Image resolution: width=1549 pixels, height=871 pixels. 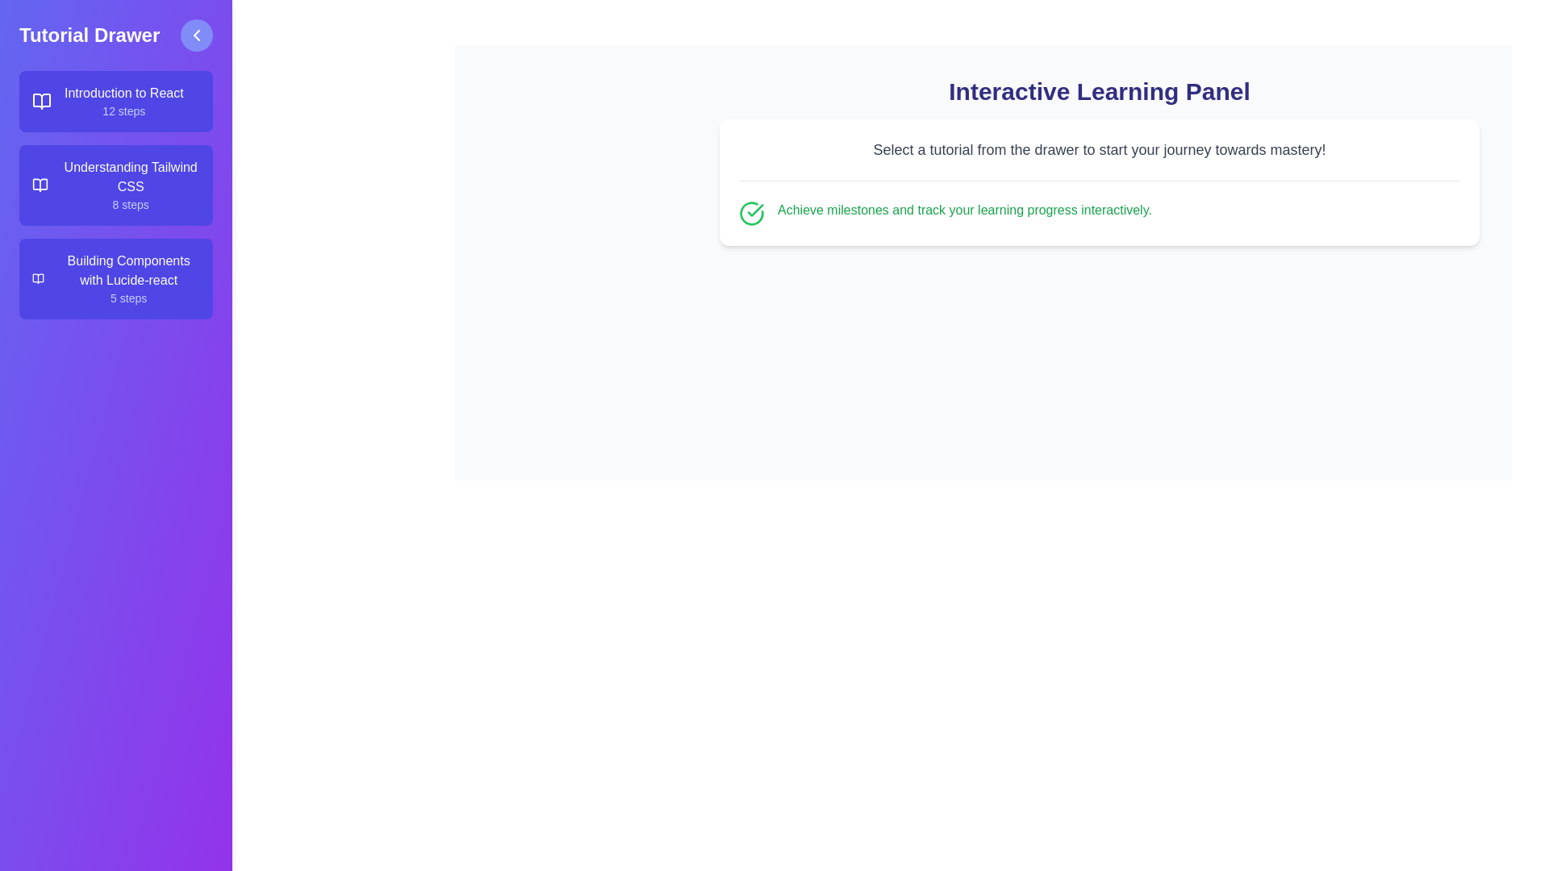 What do you see at coordinates (115, 185) in the screenshot?
I see `the tutorial titled Understanding Tailwind CSS from the list` at bounding box center [115, 185].